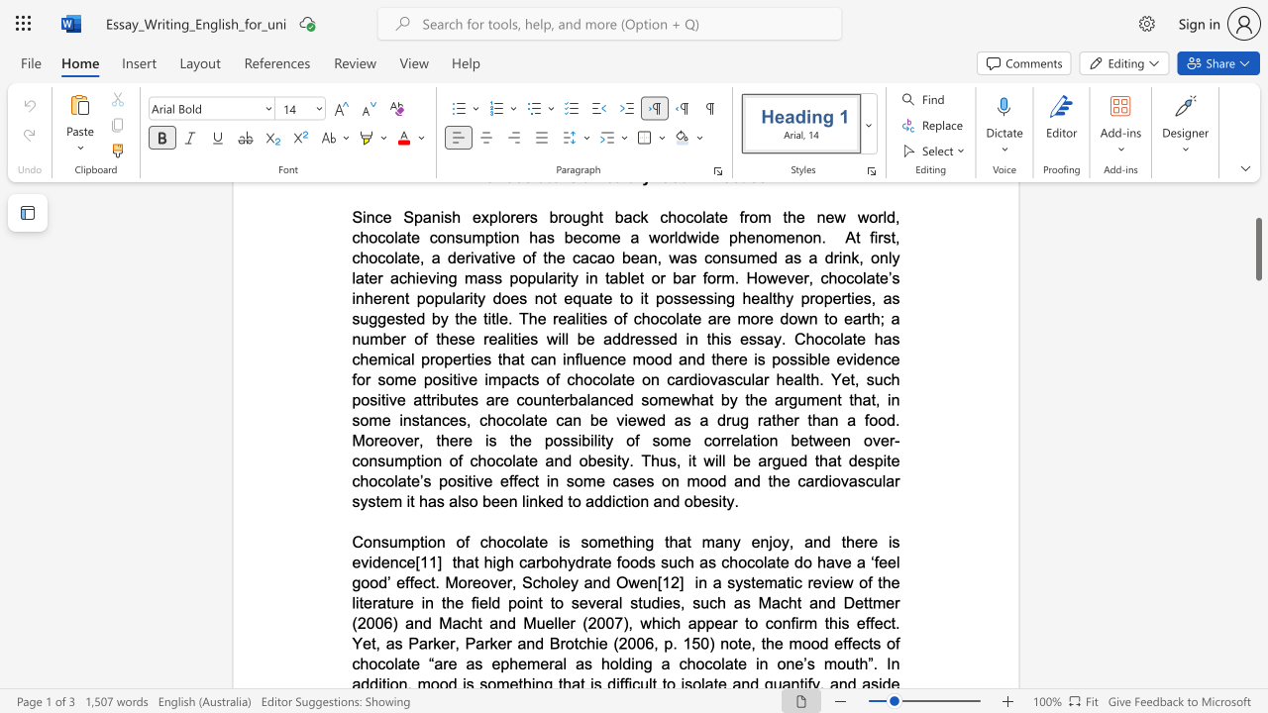  Describe the element at coordinates (1257, 249) in the screenshot. I see `the scrollbar and move up 140 pixels` at that location.